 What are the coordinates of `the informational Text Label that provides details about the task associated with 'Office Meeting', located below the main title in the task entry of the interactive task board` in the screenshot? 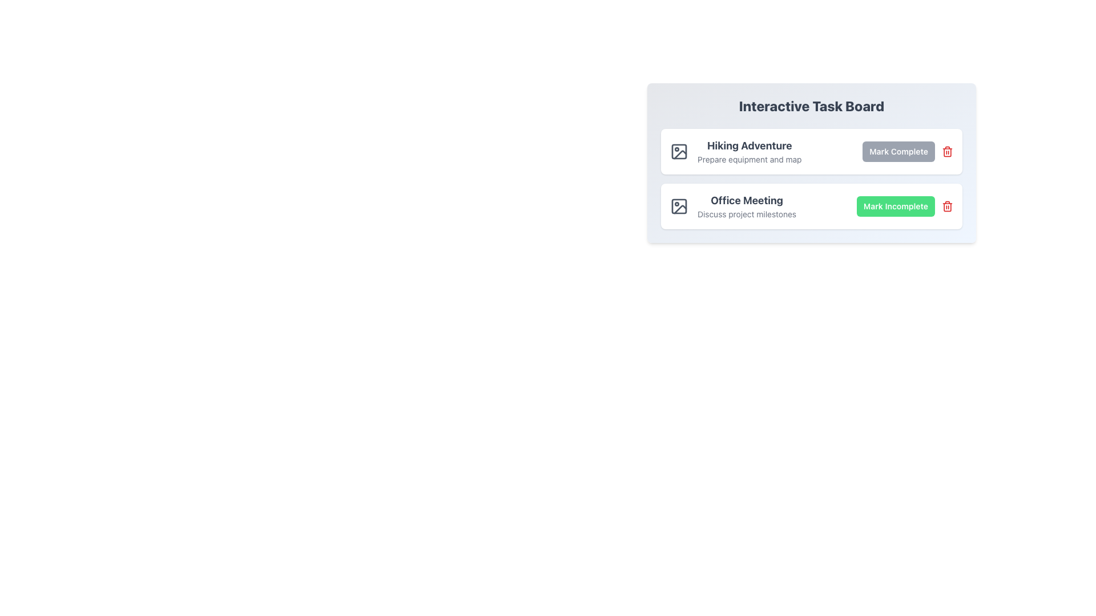 It's located at (747, 214).